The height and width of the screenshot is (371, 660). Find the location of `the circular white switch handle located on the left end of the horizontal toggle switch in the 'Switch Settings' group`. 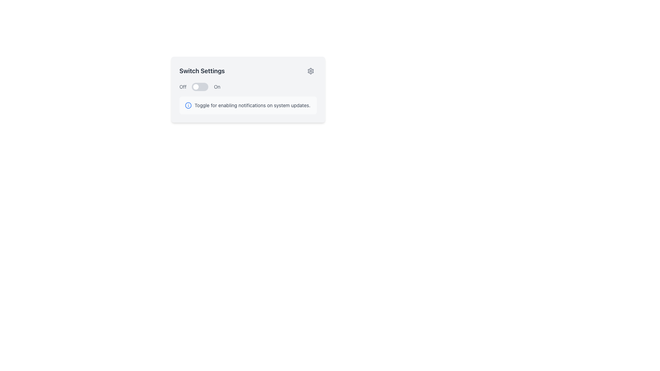

the circular white switch handle located on the left end of the horizontal toggle switch in the 'Switch Settings' group is located at coordinates (196, 87).